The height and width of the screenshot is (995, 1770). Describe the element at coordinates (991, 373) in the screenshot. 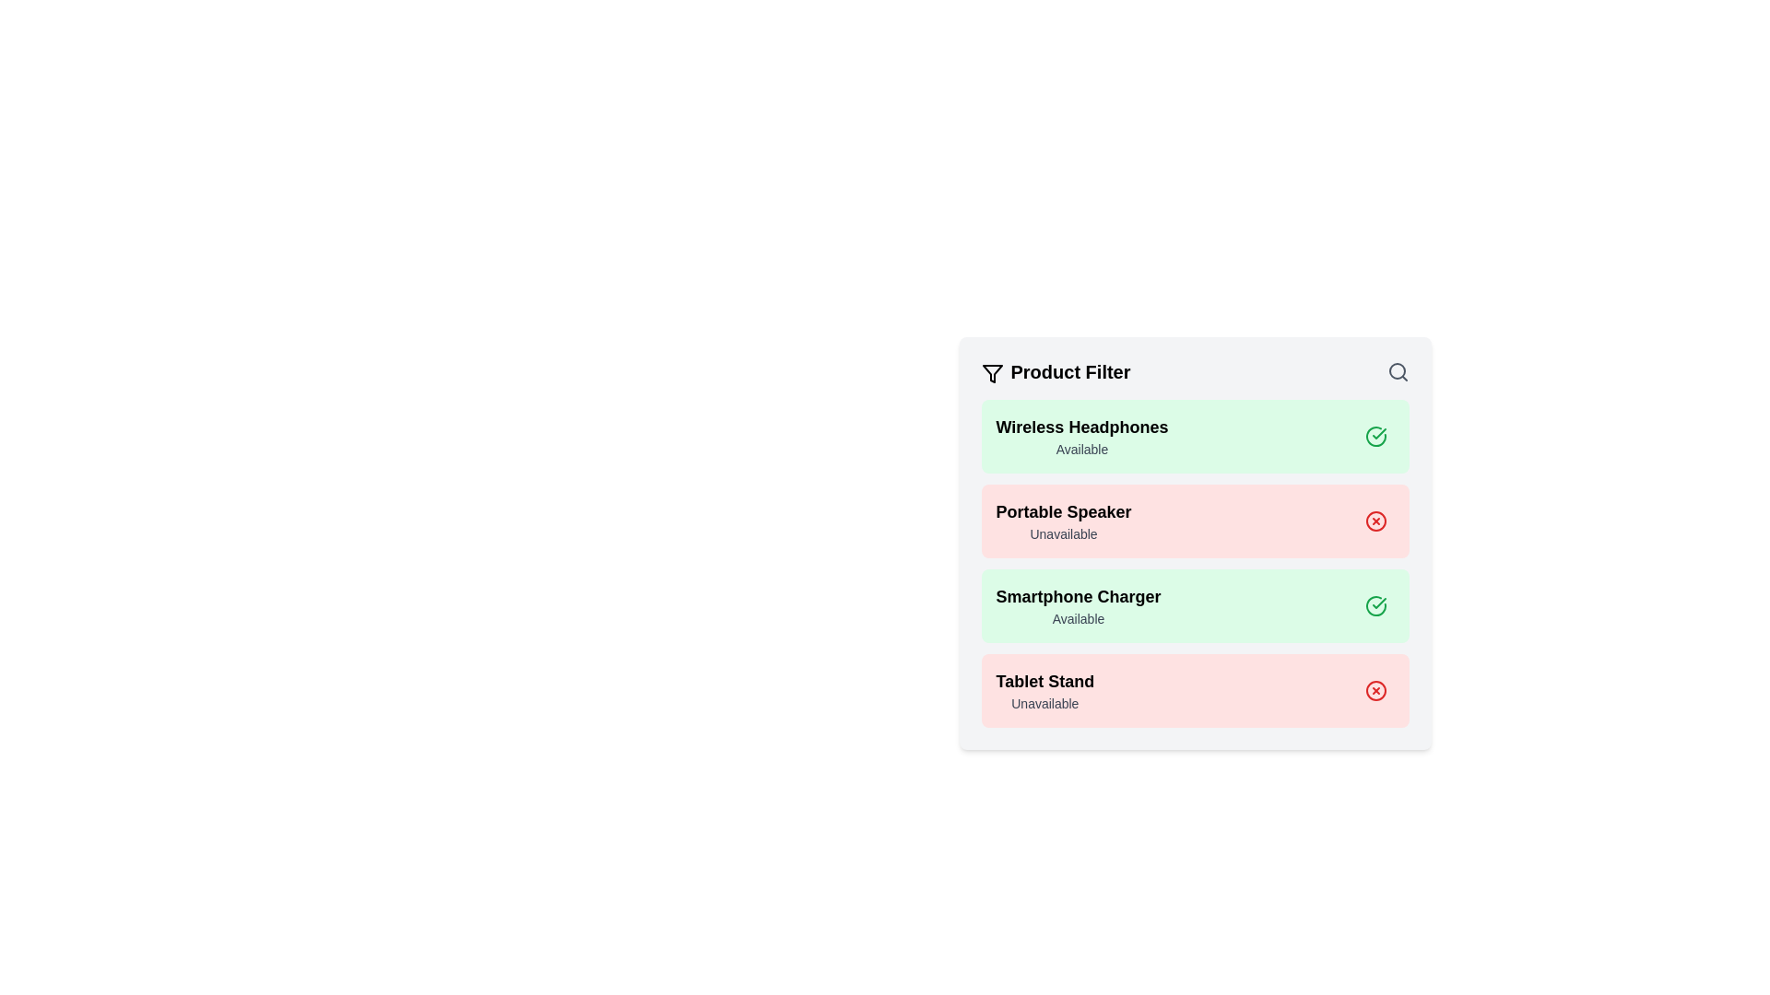

I see `the filter icon, which is a triangular funnel shape with a bold black outline, located to the left of the title 'Product Filter' in the filtering interface` at that location.